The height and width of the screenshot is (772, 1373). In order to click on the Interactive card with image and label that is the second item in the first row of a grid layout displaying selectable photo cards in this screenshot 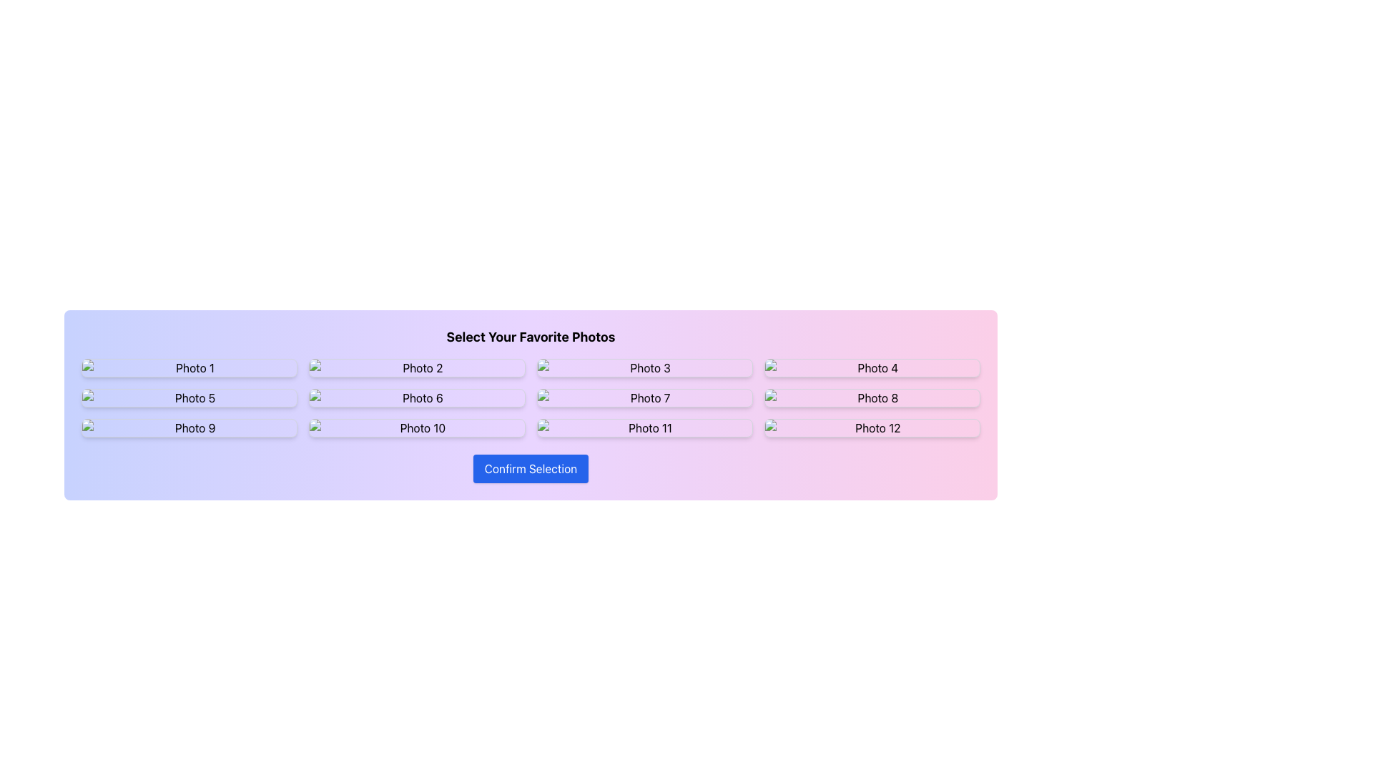, I will do `click(416, 367)`.